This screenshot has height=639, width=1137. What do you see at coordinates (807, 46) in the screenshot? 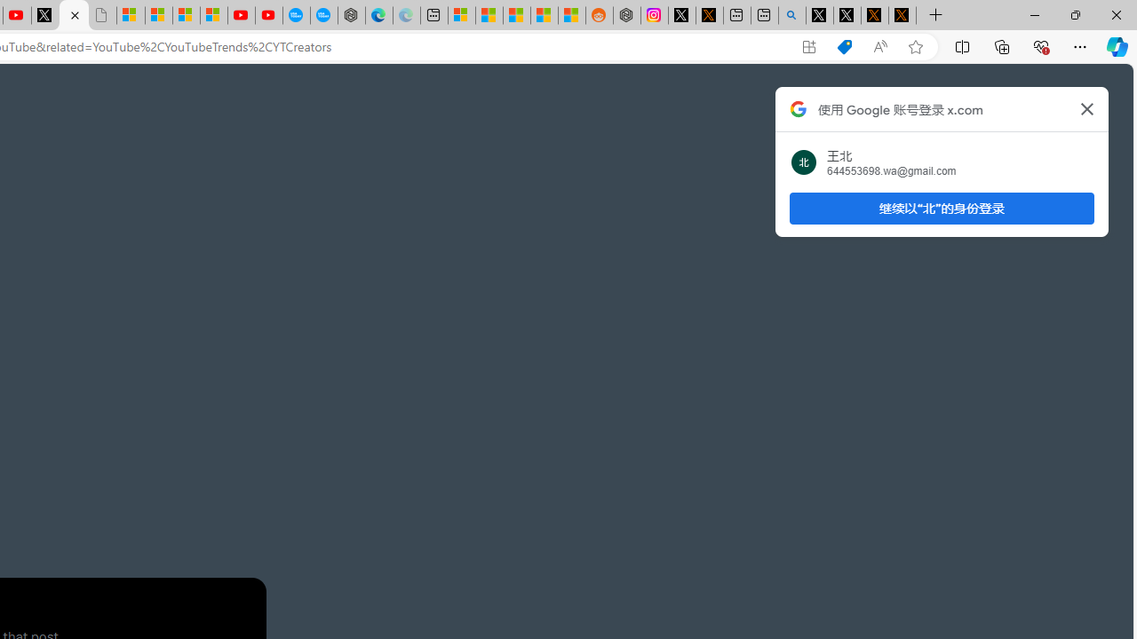
I see `'App available. Install X'` at bounding box center [807, 46].